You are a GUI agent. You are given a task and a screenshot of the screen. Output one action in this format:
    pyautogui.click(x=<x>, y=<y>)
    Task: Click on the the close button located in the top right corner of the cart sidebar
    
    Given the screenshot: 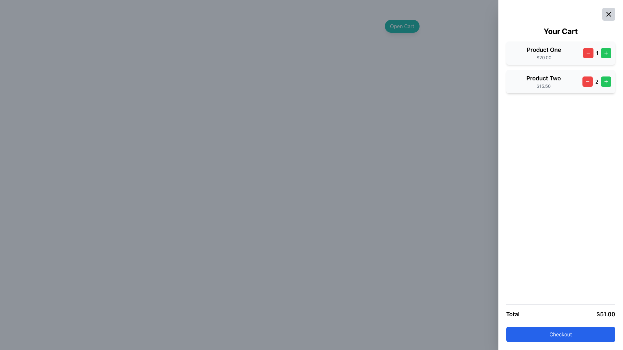 What is the action you would take?
    pyautogui.click(x=608, y=14)
    